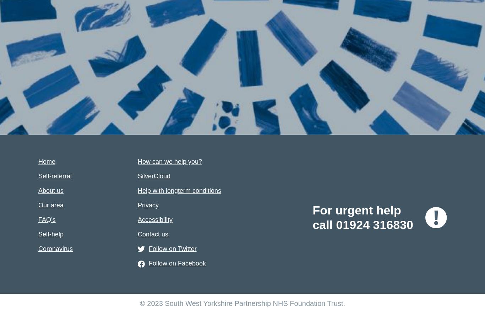  Describe the element at coordinates (50, 205) in the screenshot. I see `'Our area'` at that location.